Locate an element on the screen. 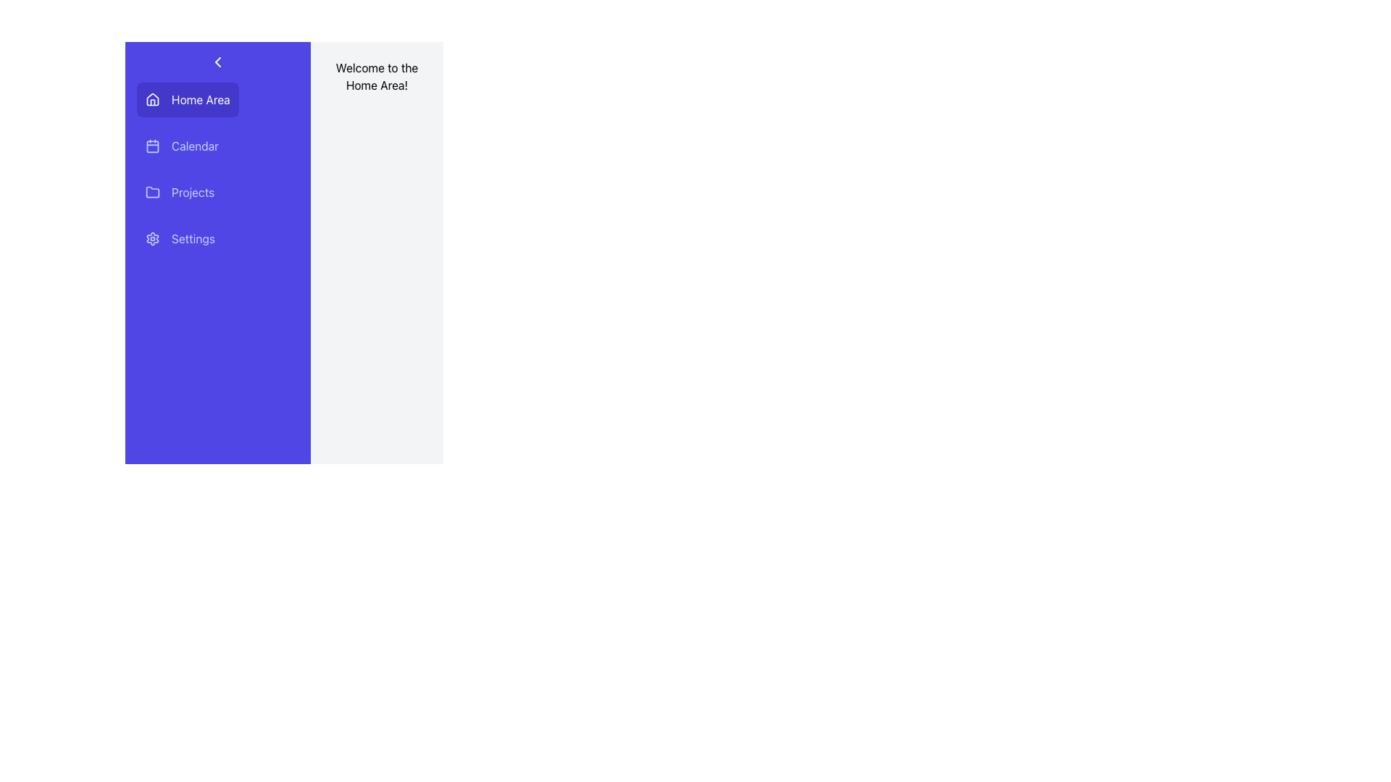 The height and width of the screenshot is (782, 1391). the 'Home Area' icon located in the sidebar menu by moving the cursor to its center point is located at coordinates (153, 98).